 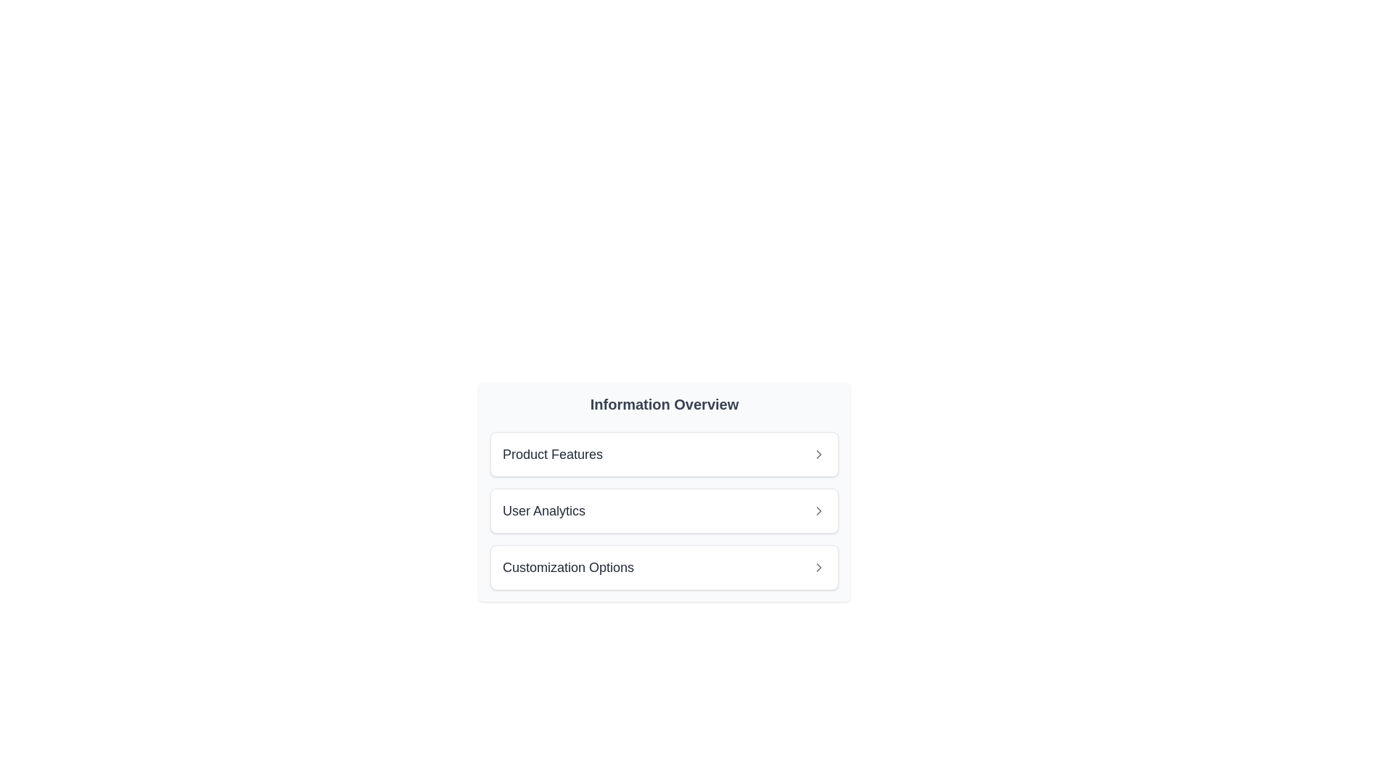 What do you see at coordinates (818, 510) in the screenshot?
I see `the SVG Icon located at the far right of the 'User Analytics' row` at bounding box center [818, 510].